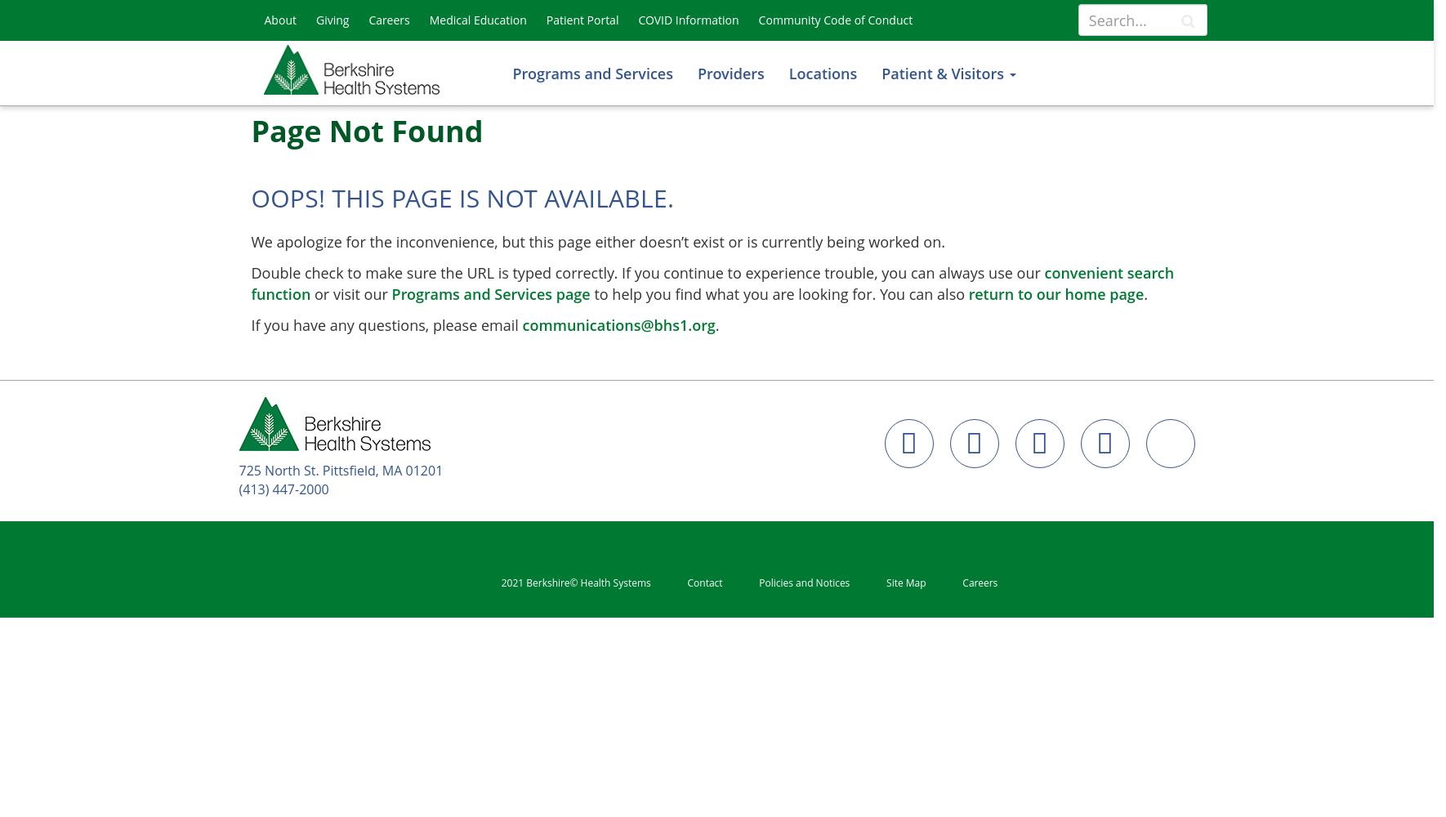 The width and height of the screenshot is (1446, 817). Describe the element at coordinates (581, 20) in the screenshot. I see `'Patient Portal'` at that location.